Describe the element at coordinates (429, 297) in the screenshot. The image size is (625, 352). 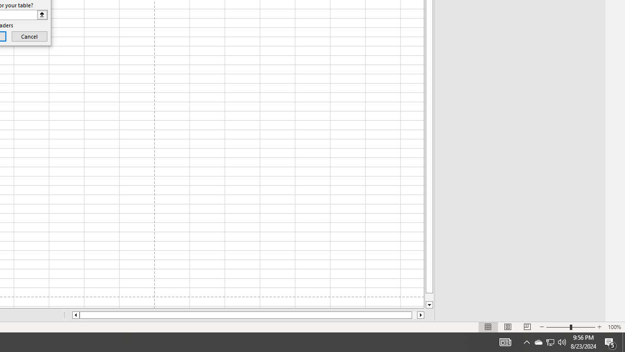
I see `'Page down'` at that location.